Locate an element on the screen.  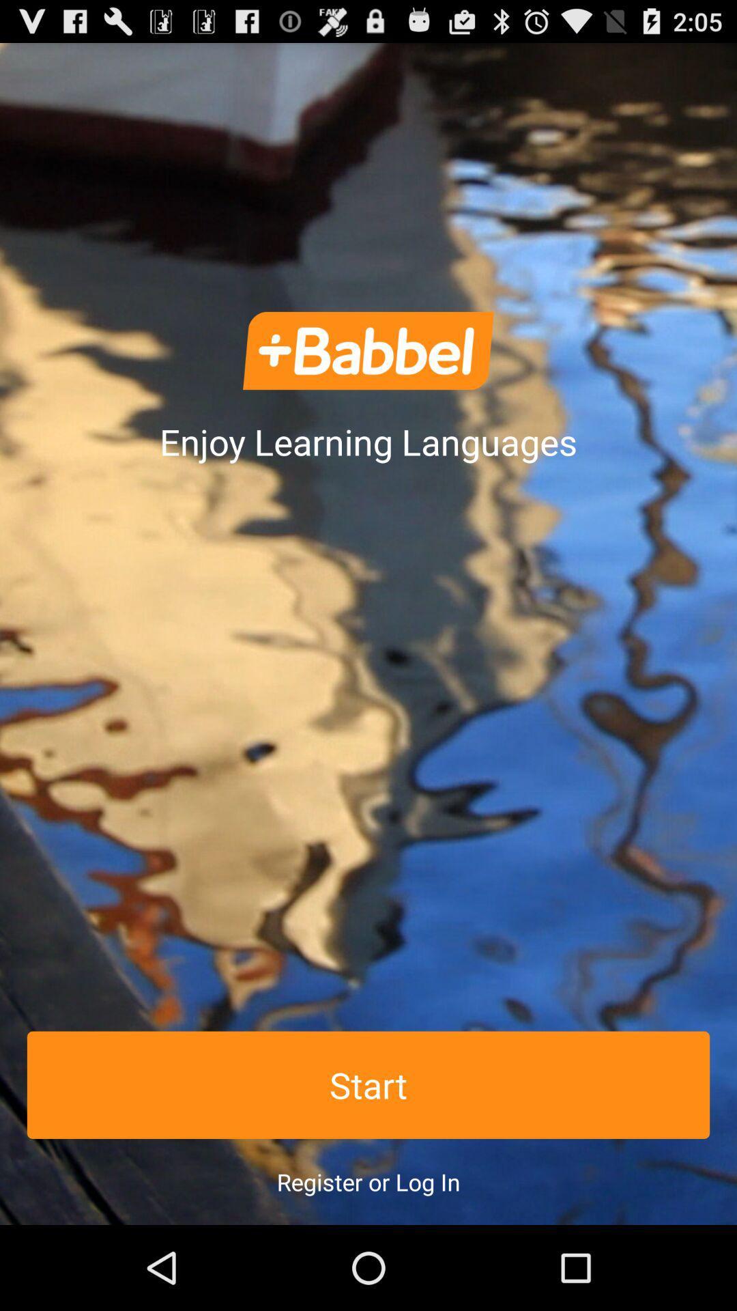
the start is located at coordinates (369, 1084).